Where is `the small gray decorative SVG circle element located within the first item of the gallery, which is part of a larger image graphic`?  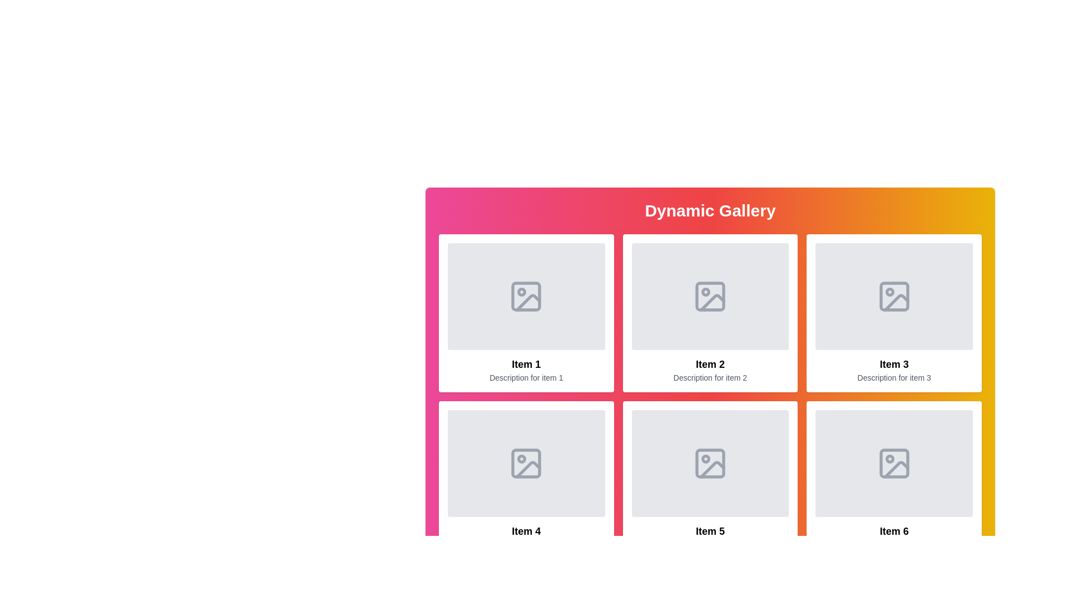
the small gray decorative SVG circle element located within the first item of the gallery, which is part of a larger image graphic is located at coordinates (521, 291).